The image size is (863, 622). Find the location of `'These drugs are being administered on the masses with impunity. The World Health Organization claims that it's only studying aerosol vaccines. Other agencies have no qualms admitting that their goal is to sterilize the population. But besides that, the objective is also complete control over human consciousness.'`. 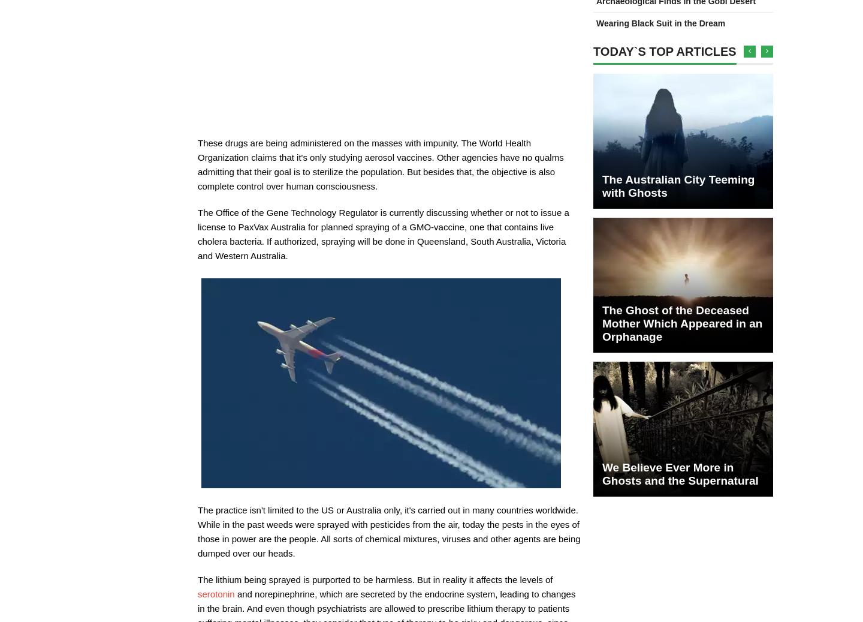

'These drugs are being administered on the masses with impunity. The World Health Organization claims that it's only studying aerosol vaccines. Other agencies have no qualms admitting that their goal is to sterilize the population. But besides that, the objective is also complete control over human consciousness.' is located at coordinates (380, 164).